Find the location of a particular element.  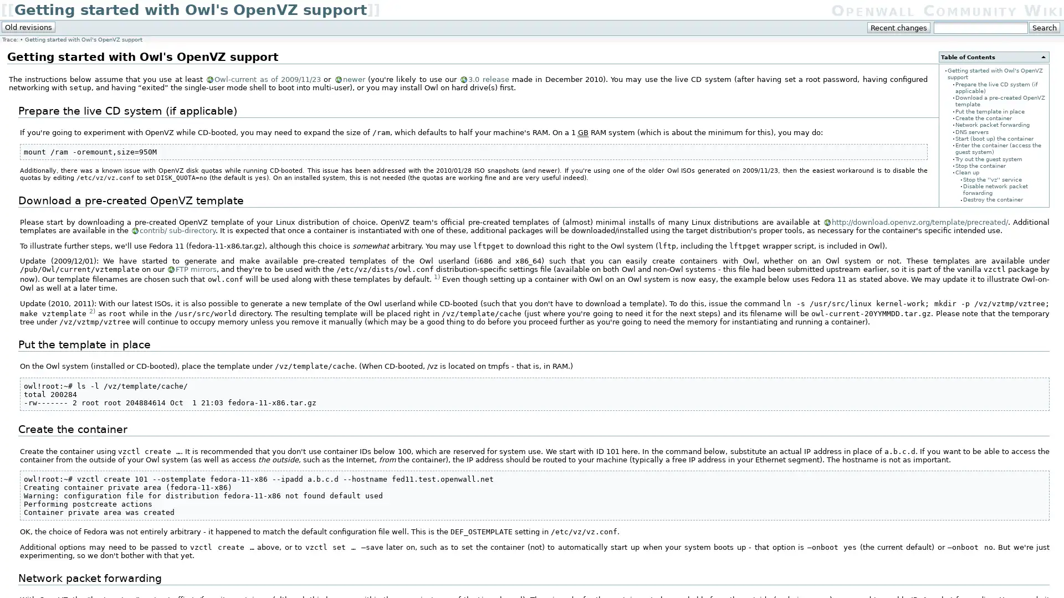

Search is located at coordinates (1043, 27).